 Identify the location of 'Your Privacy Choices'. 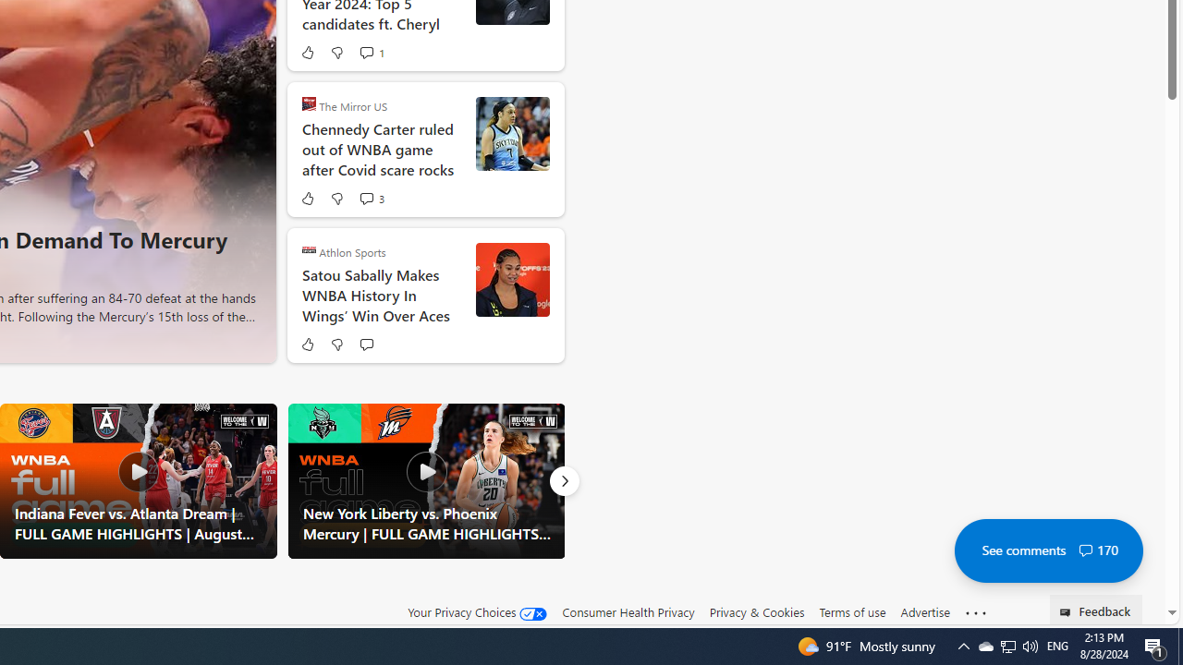
(478, 611).